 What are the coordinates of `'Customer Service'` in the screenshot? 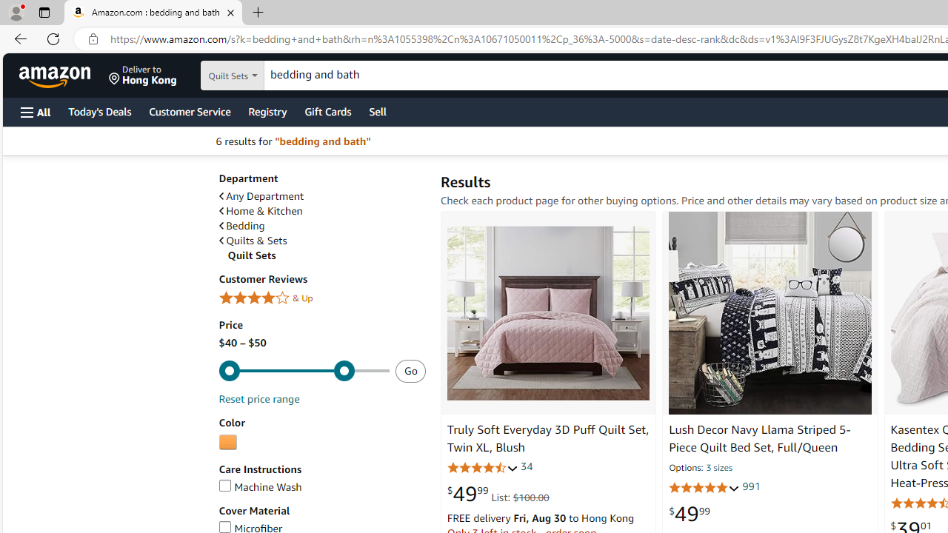 It's located at (189, 110).